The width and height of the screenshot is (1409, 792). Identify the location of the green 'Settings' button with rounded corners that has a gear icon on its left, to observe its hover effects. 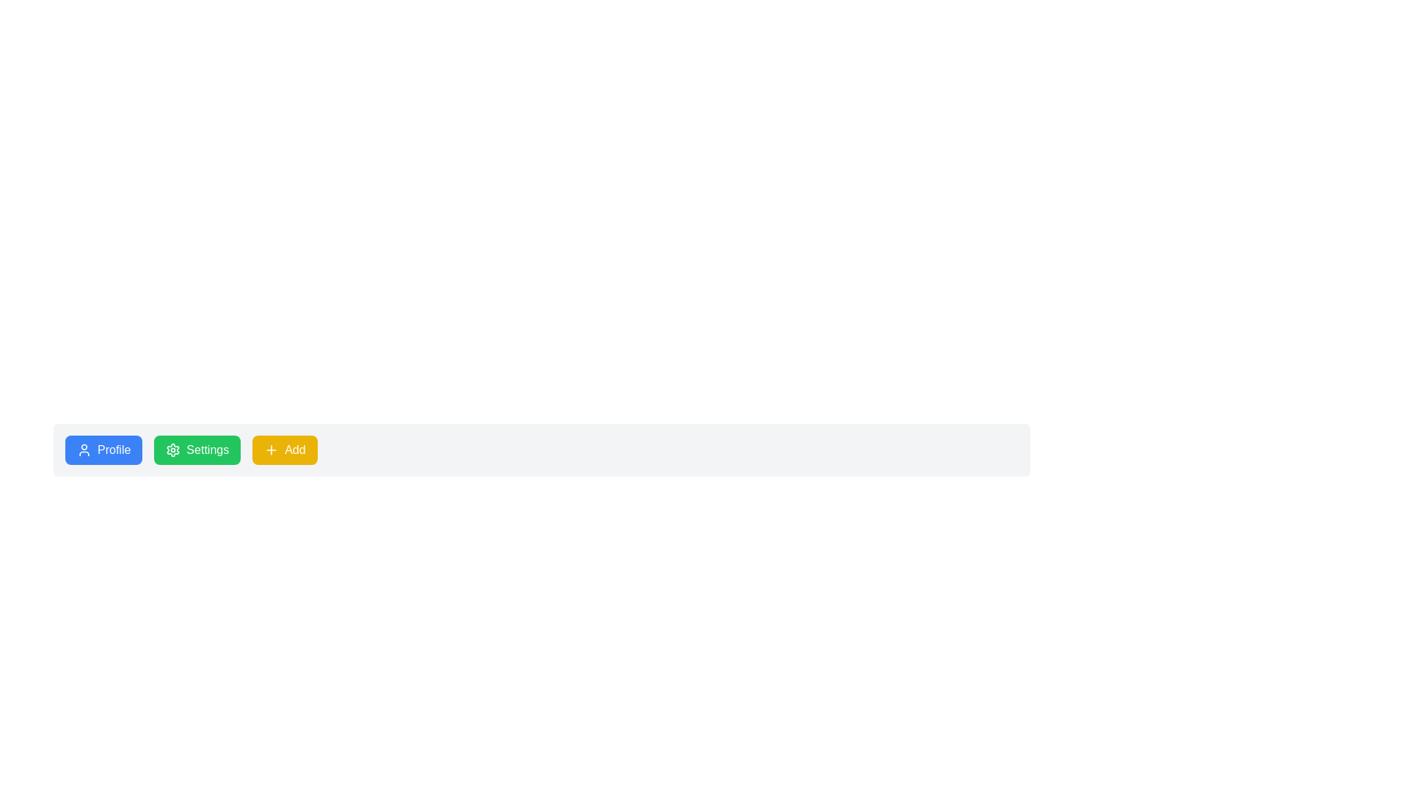
(197, 449).